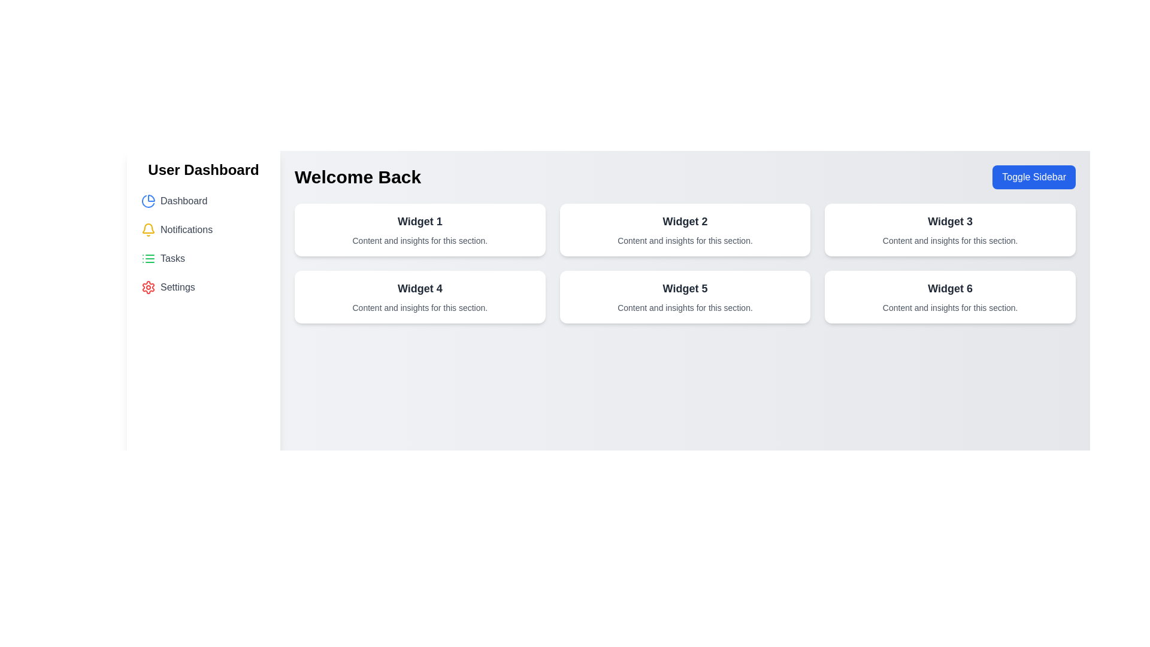 The height and width of the screenshot is (647, 1150). I want to click on the bold, large-font heading labeled 'User Dashboard' located at the top of the left sidebar, so click(204, 170).